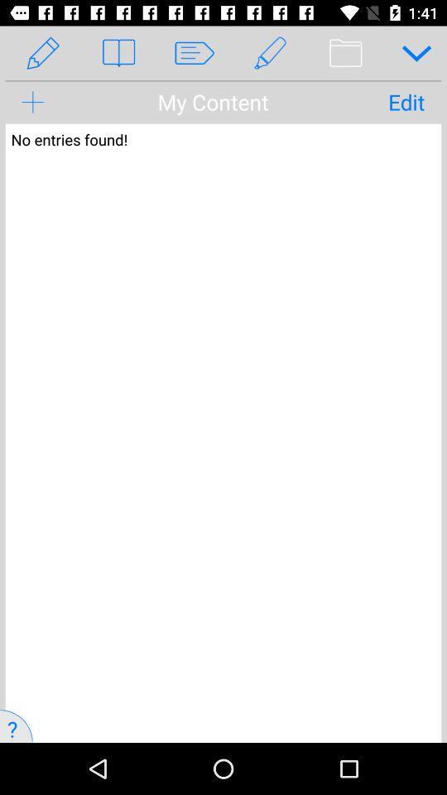  I want to click on the edit icon, so click(270, 53).